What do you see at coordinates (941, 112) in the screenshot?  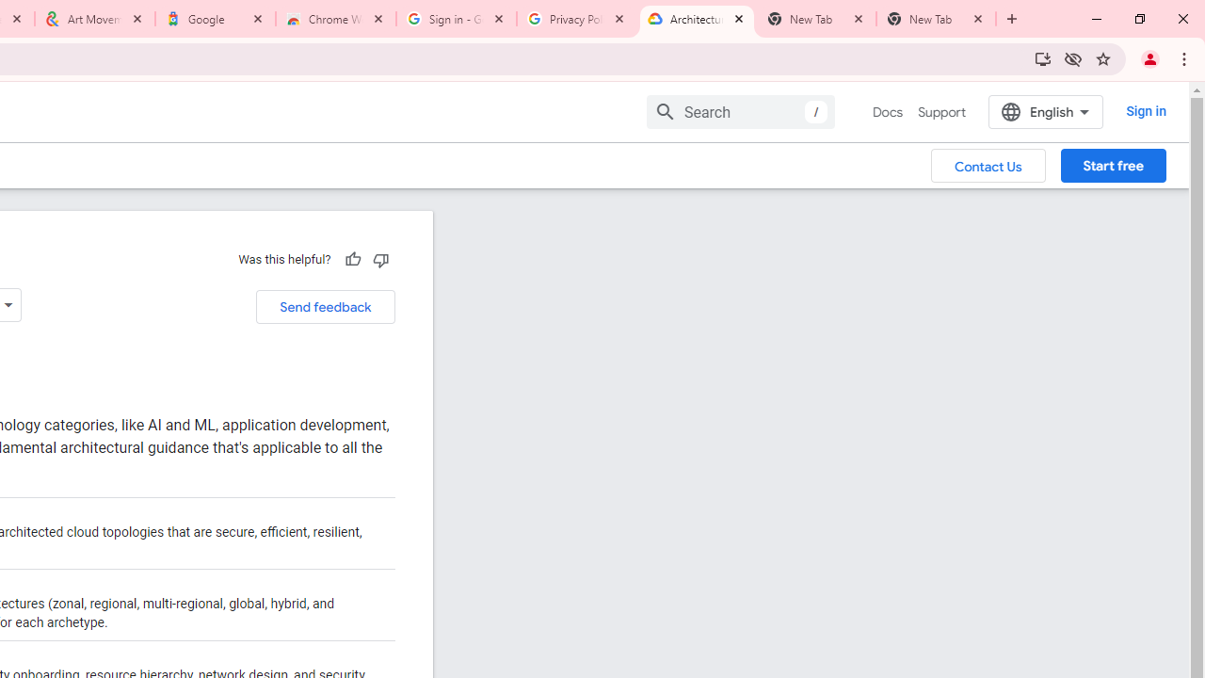 I see `'Support'` at bounding box center [941, 112].